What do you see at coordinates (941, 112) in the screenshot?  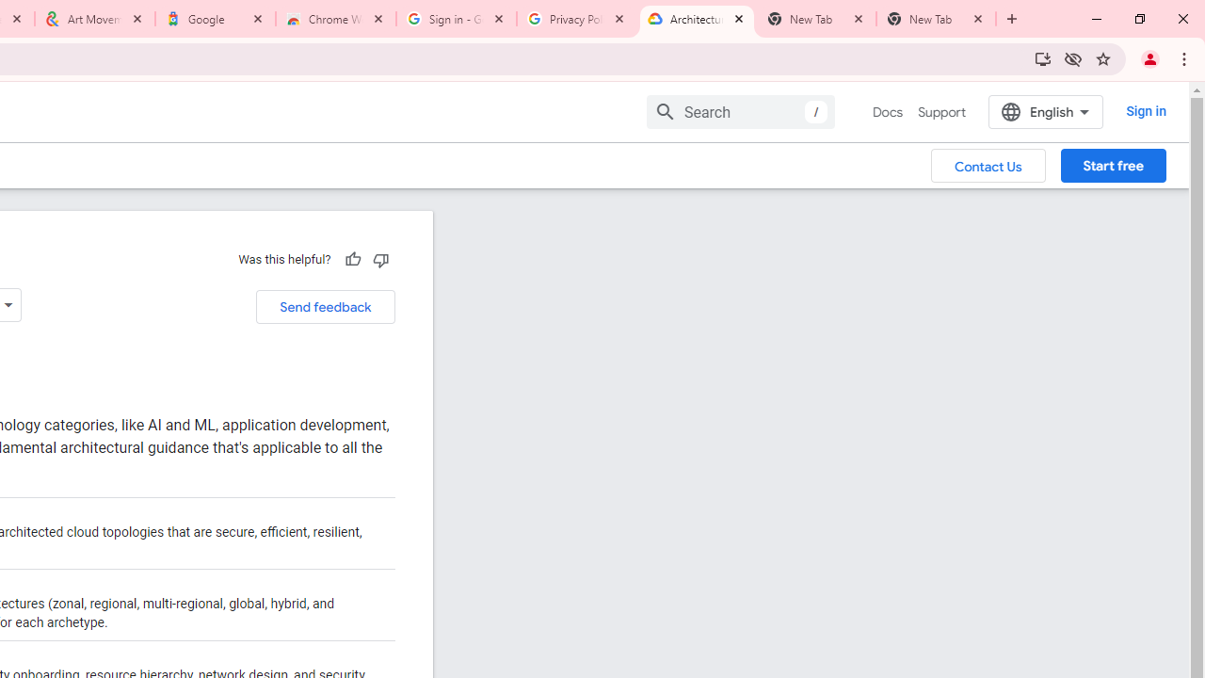 I see `'Support'` at bounding box center [941, 112].